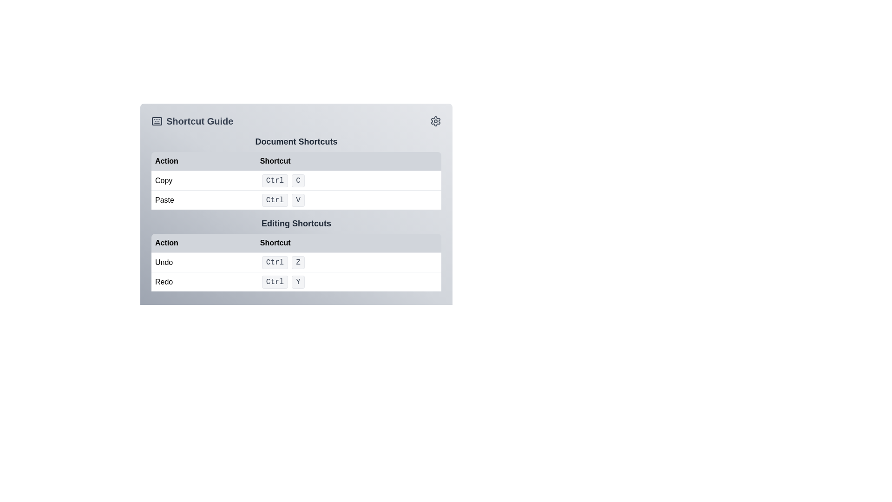 The image size is (892, 502). I want to click on the 'Ctrl' button in the 'Shortcut Guide' interface, located under the 'Editing Shortcuts' section, in the 'Undo' row, so click(274, 262).